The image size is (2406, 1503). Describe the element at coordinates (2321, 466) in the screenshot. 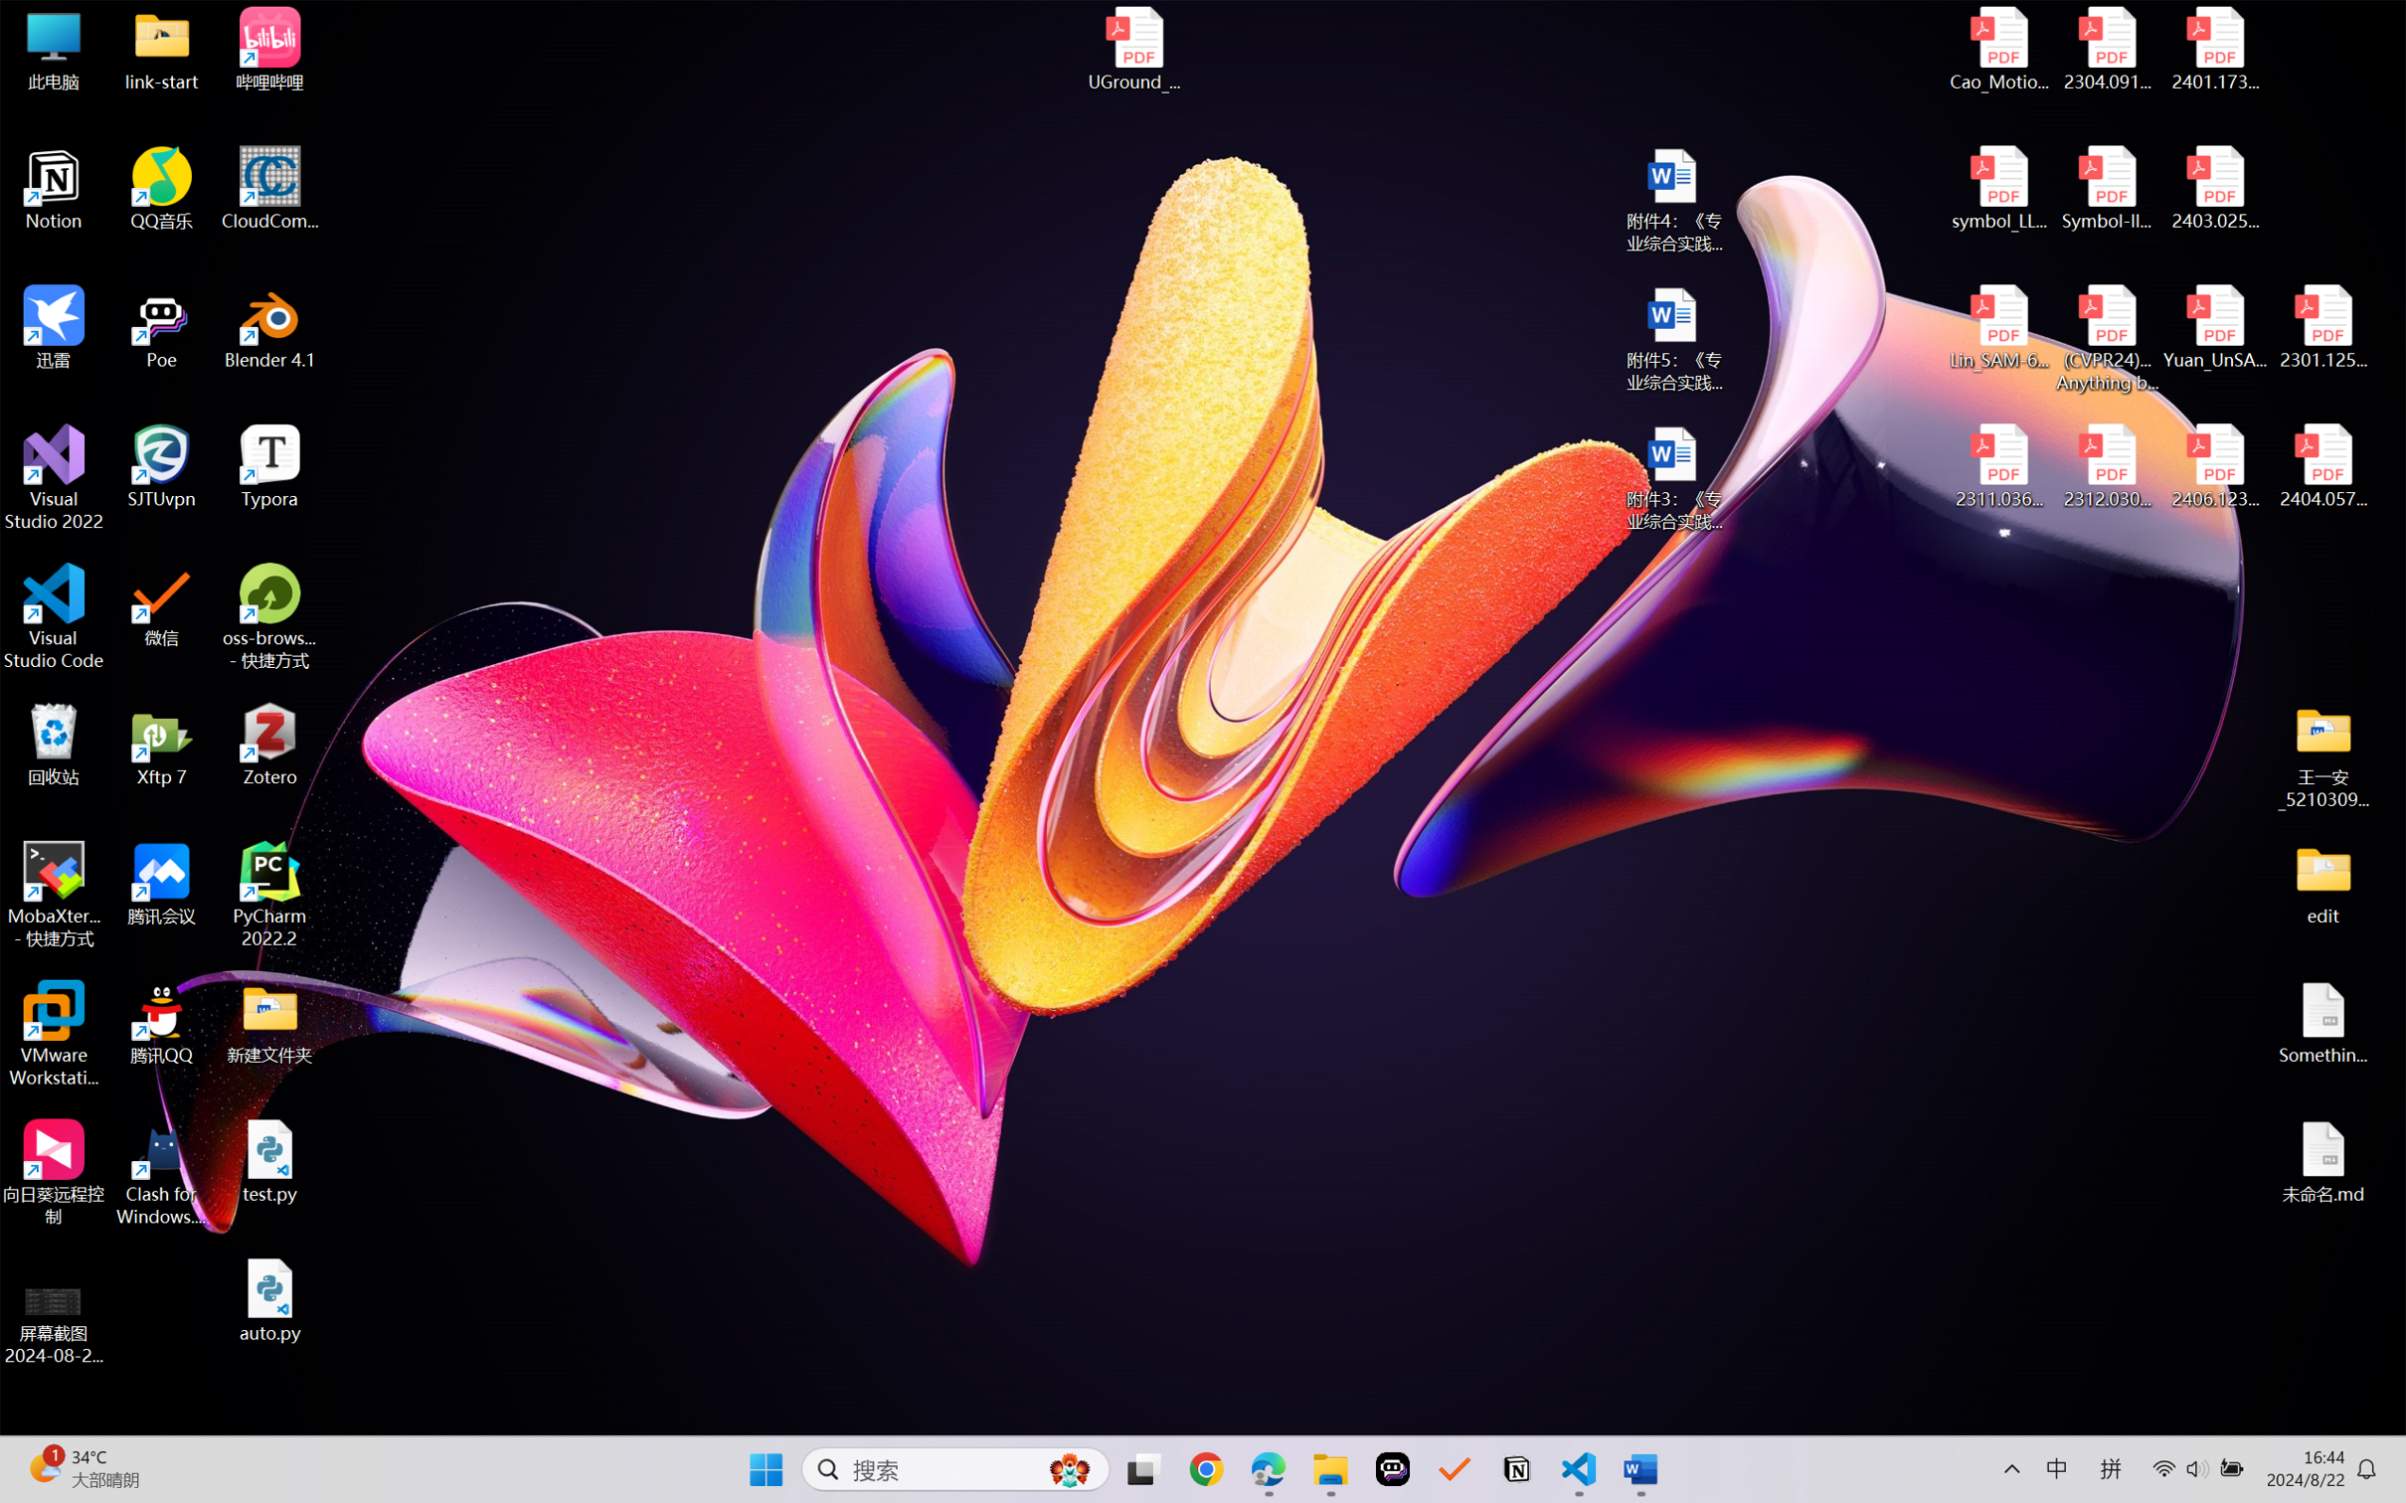

I see `'2404.05719v1.pdf'` at that location.